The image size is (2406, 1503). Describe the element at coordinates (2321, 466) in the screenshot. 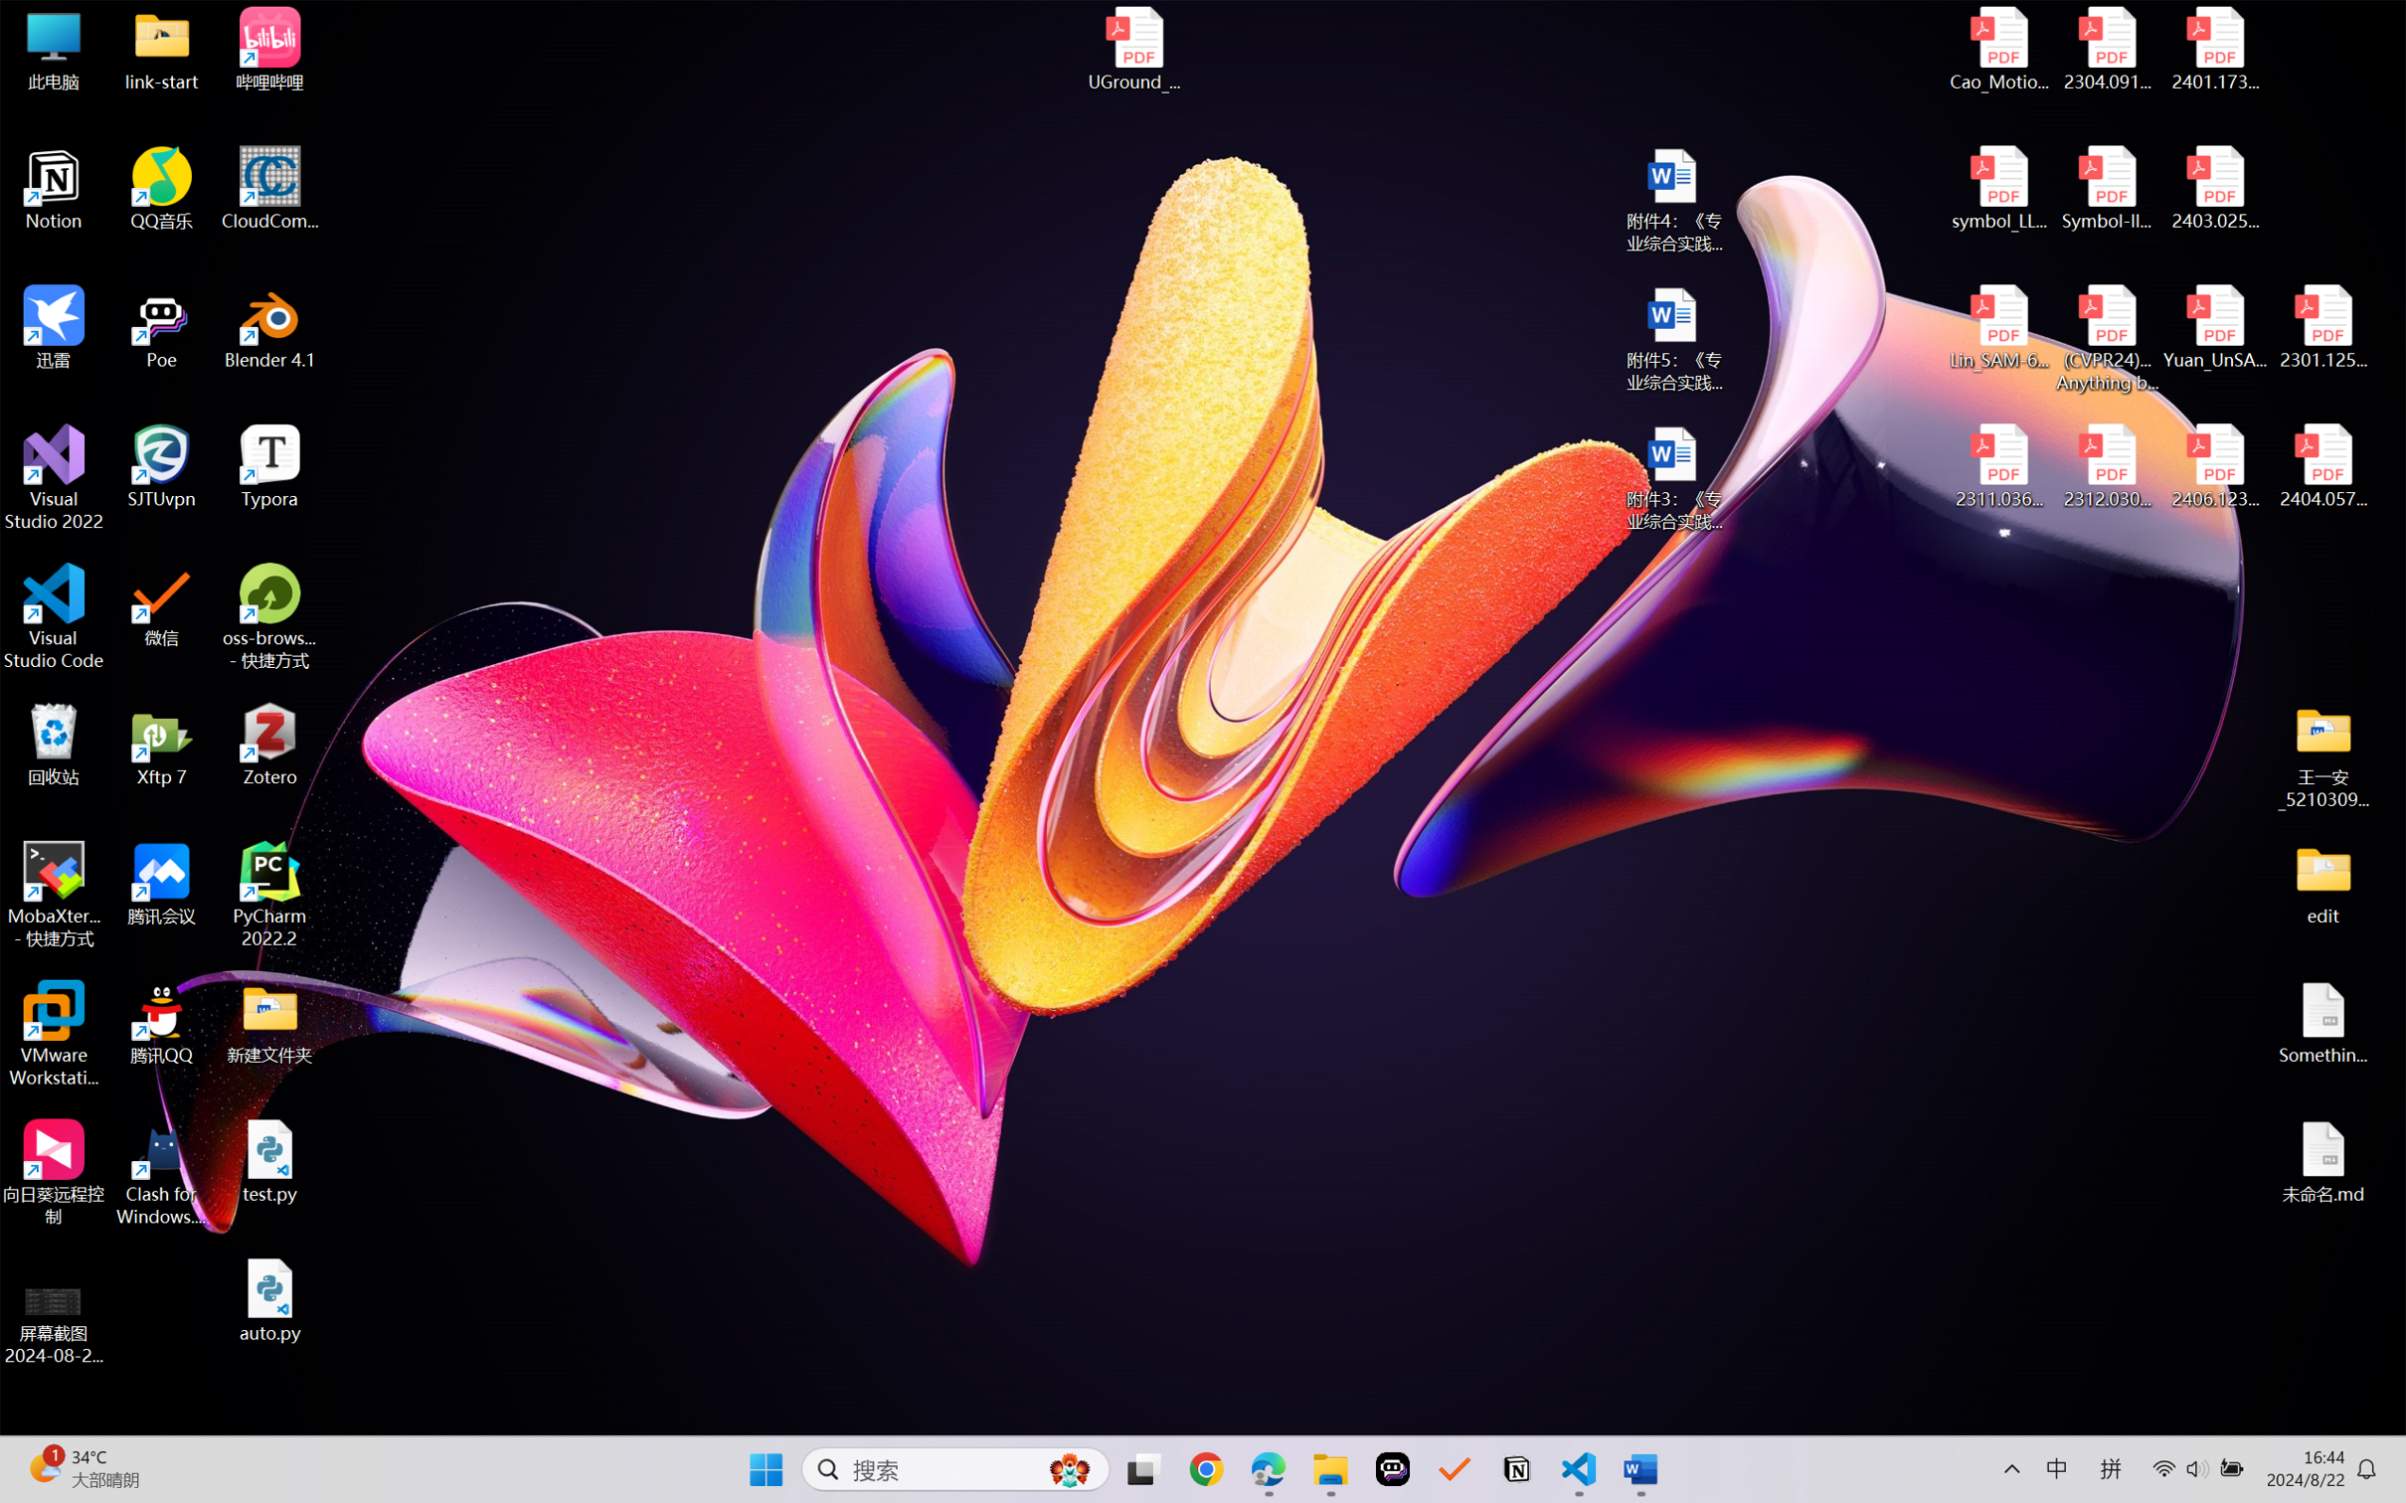

I see `'2404.05719v1.pdf'` at that location.